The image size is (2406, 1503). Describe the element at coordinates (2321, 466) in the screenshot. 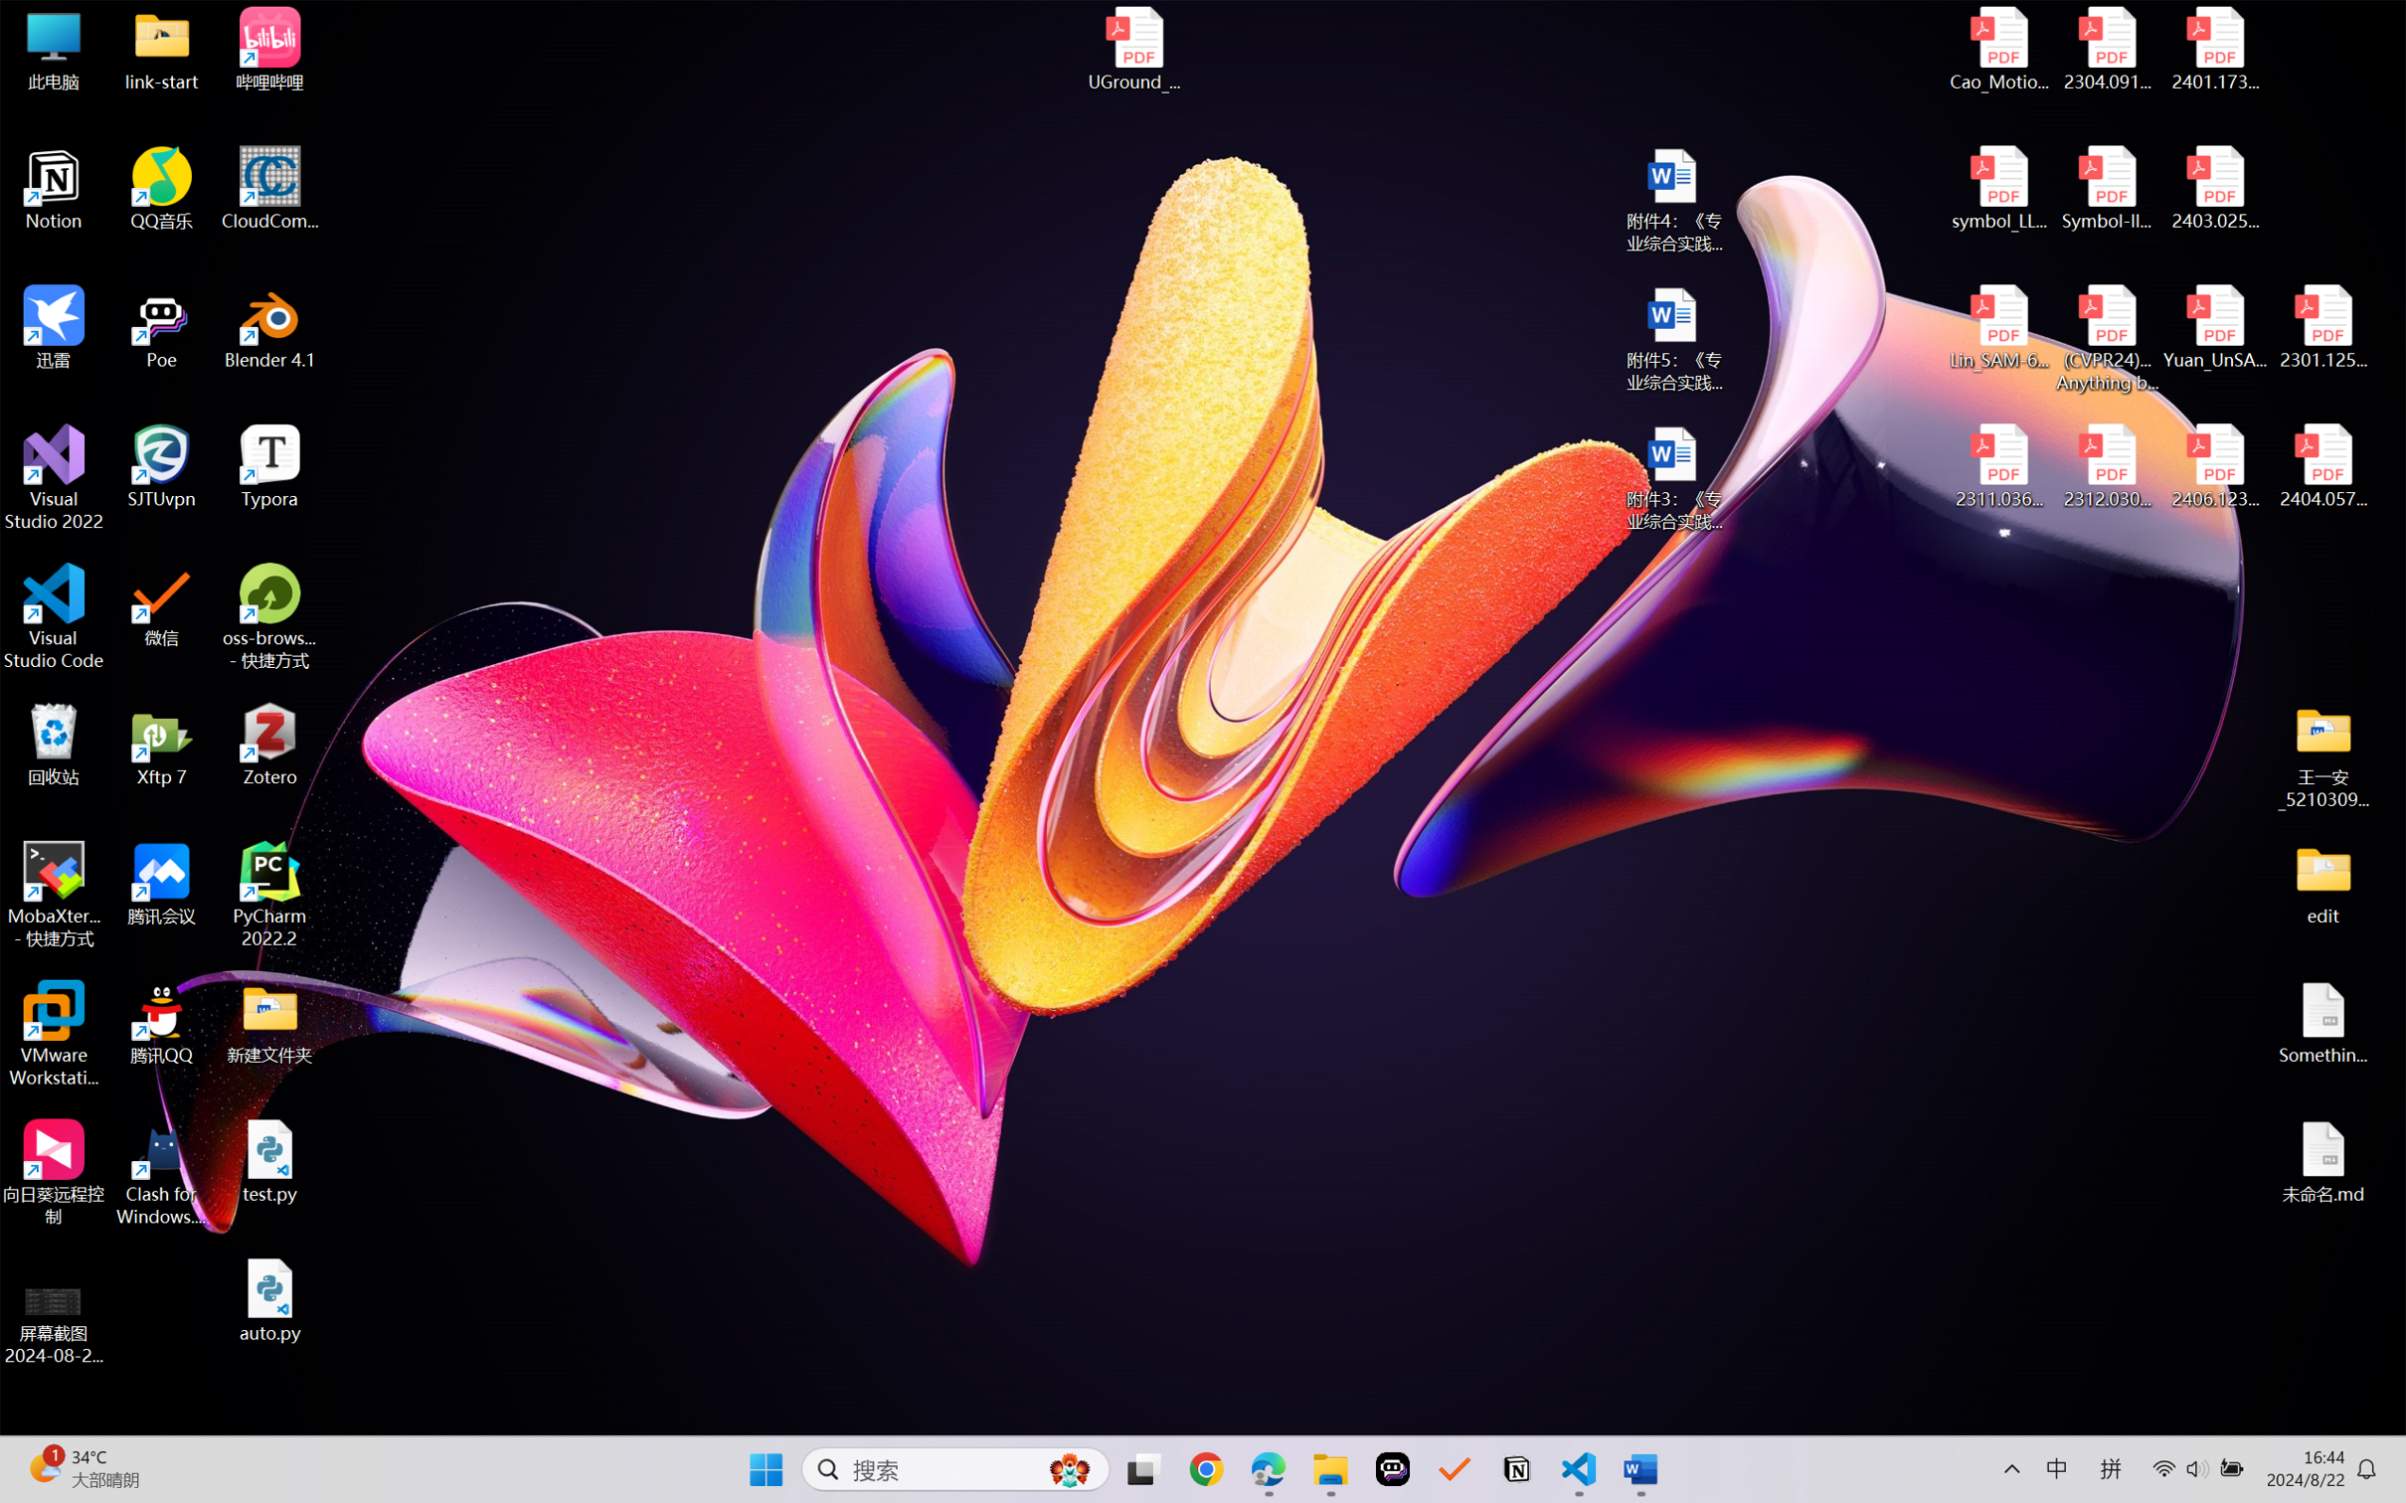

I see `'2404.05719v1.pdf'` at that location.